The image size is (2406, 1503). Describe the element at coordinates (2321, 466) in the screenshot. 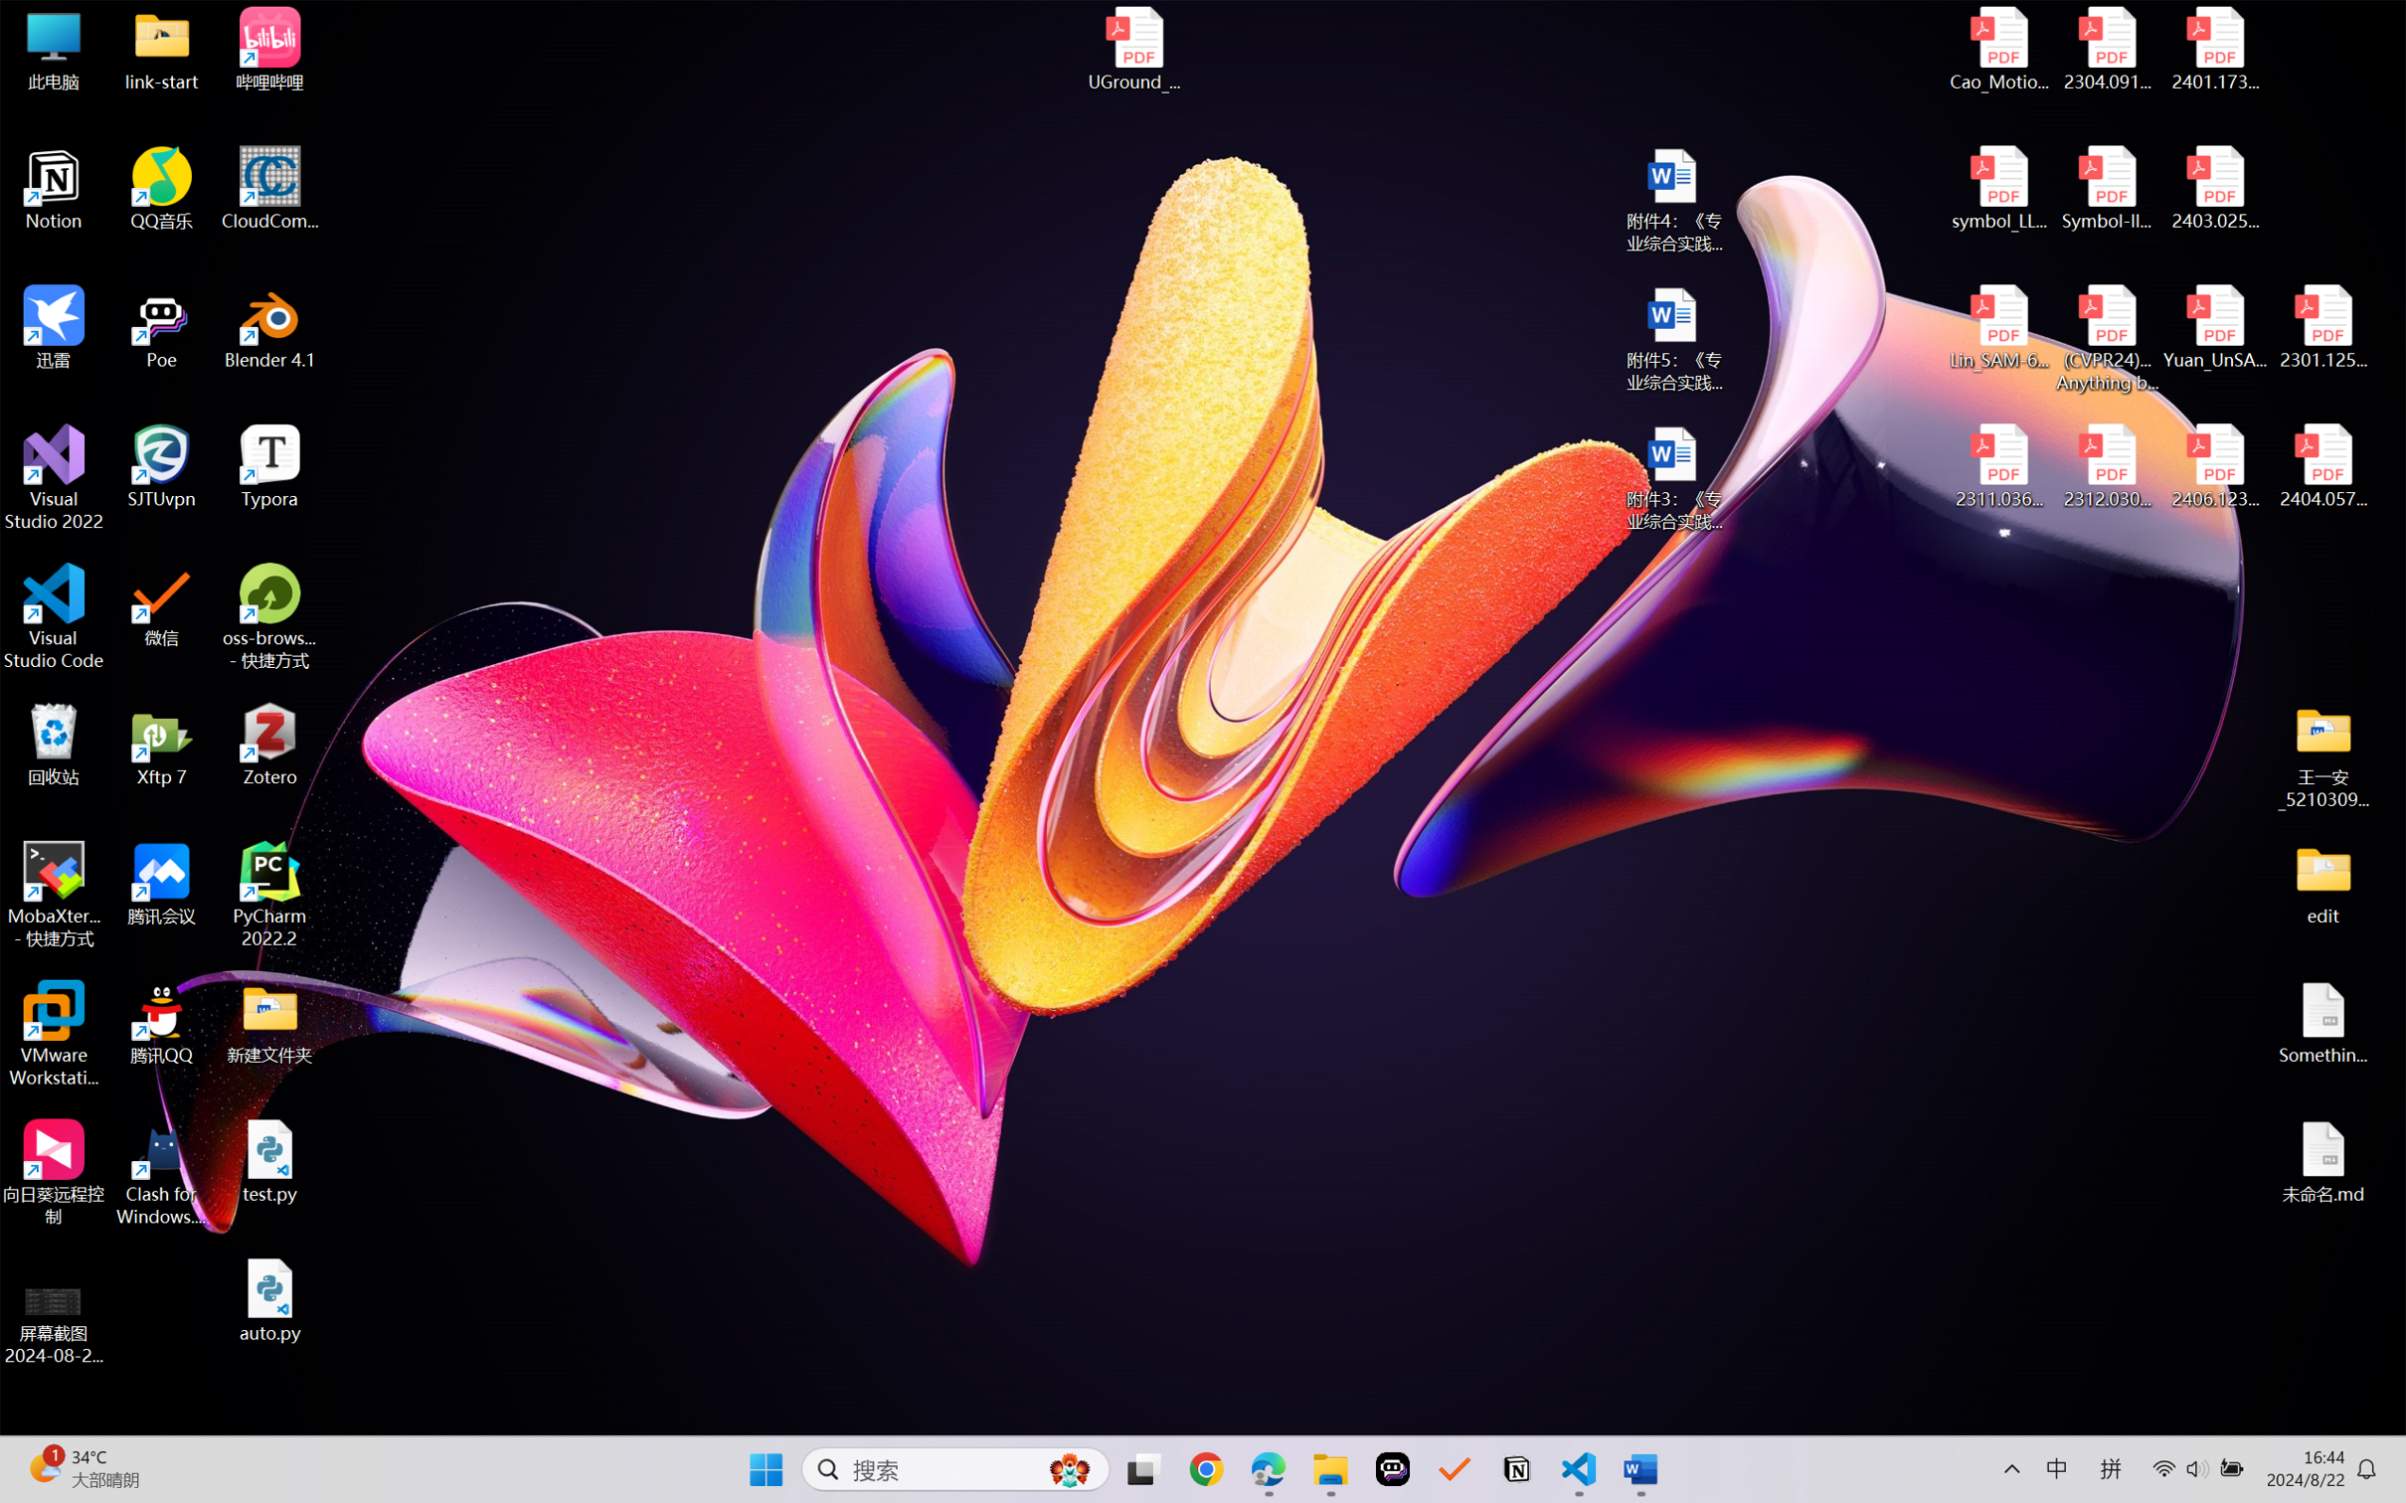

I see `'2404.05719v1.pdf'` at that location.